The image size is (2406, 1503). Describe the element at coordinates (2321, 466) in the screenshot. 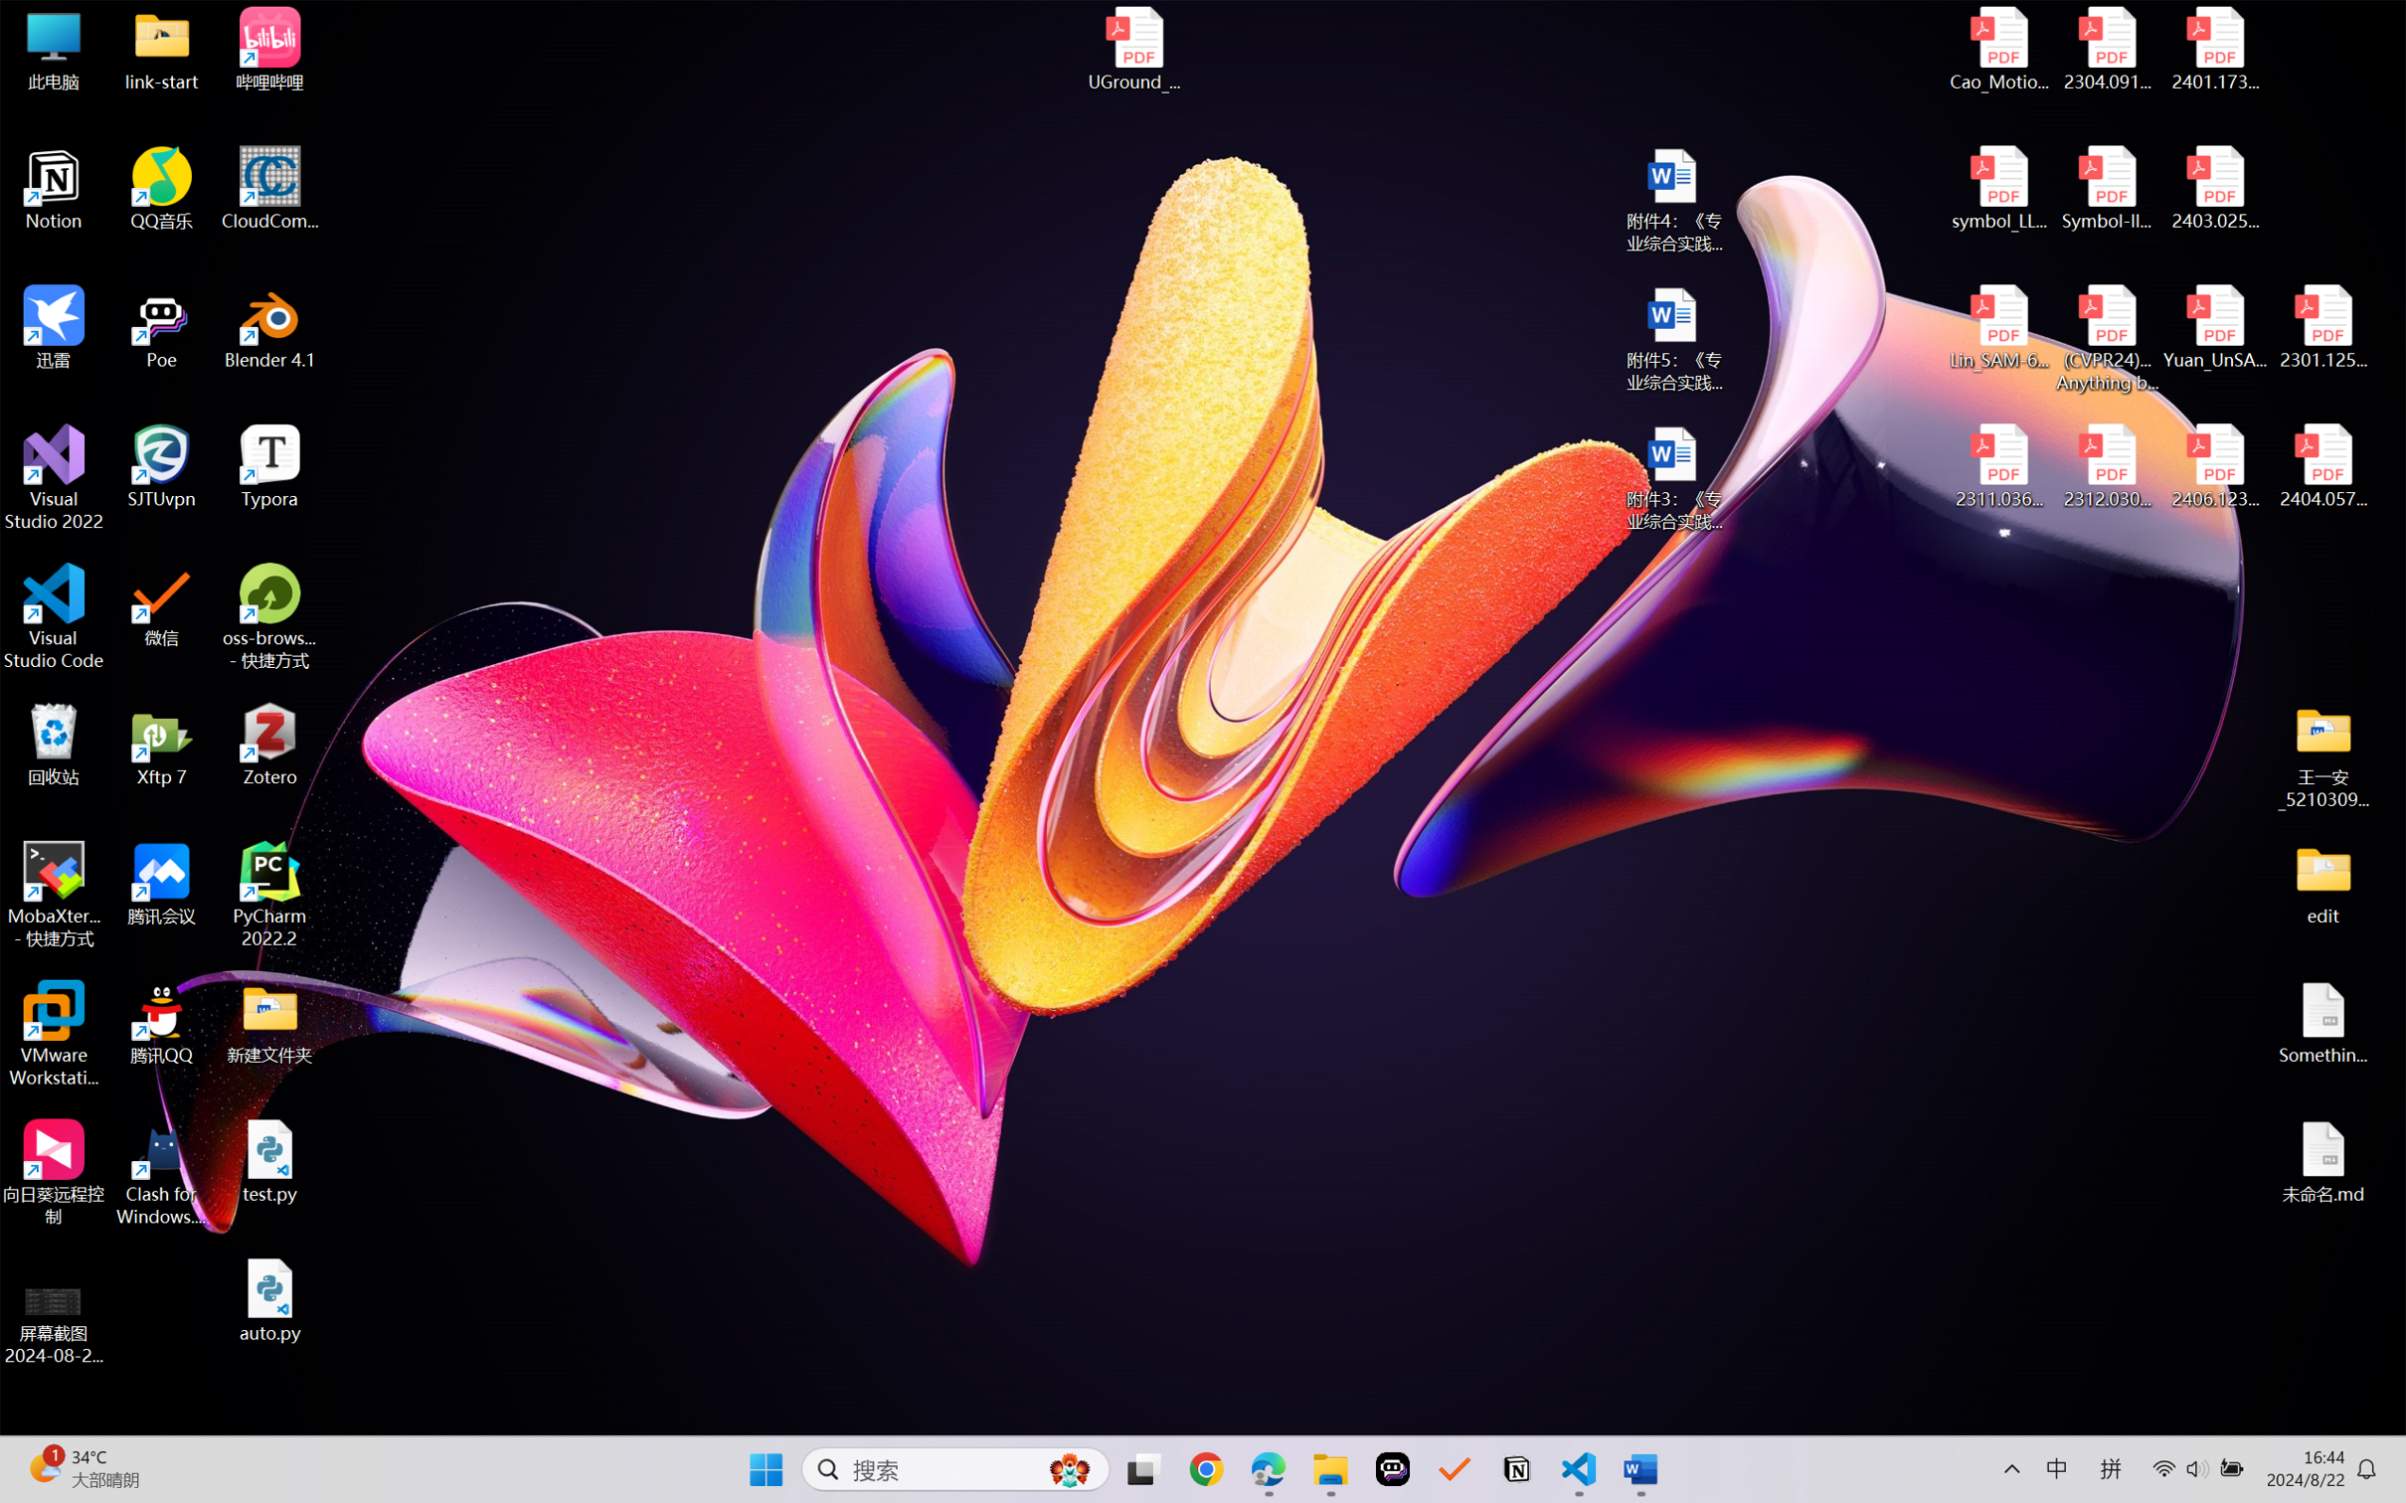

I see `'2404.05719v1.pdf'` at that location.